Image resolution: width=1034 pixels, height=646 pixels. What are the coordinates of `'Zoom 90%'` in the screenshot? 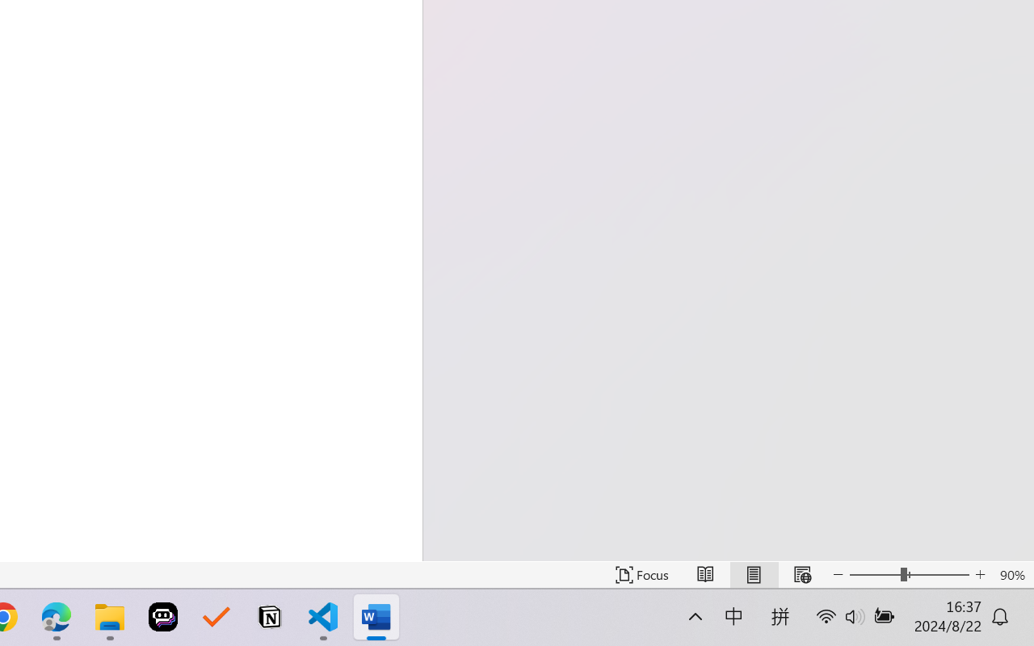 It's located at (1011, 574).